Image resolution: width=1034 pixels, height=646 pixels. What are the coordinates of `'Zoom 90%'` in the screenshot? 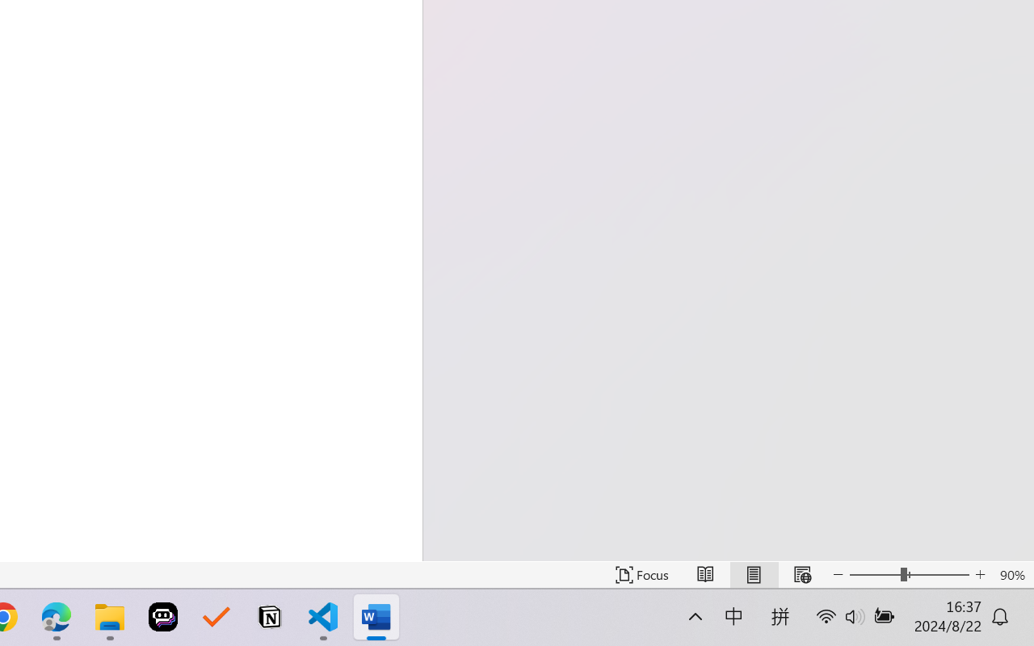 It's located at (1011, 574).